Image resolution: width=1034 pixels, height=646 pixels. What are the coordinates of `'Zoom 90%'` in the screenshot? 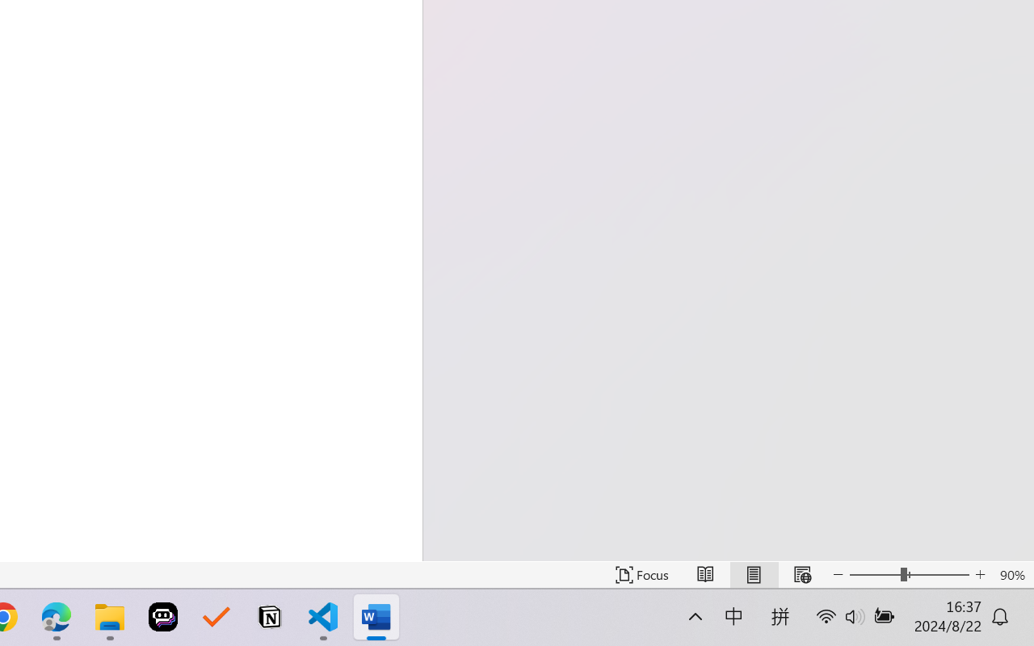 It's located at (1011, 574).